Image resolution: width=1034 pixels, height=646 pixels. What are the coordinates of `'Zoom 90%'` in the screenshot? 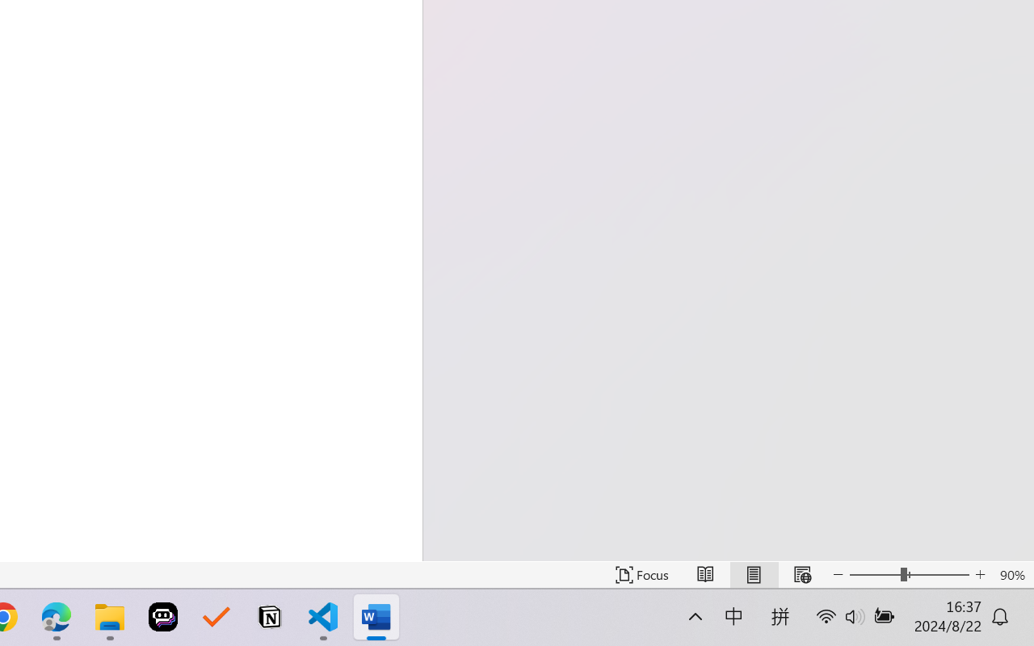 It's located at (1011, 574).